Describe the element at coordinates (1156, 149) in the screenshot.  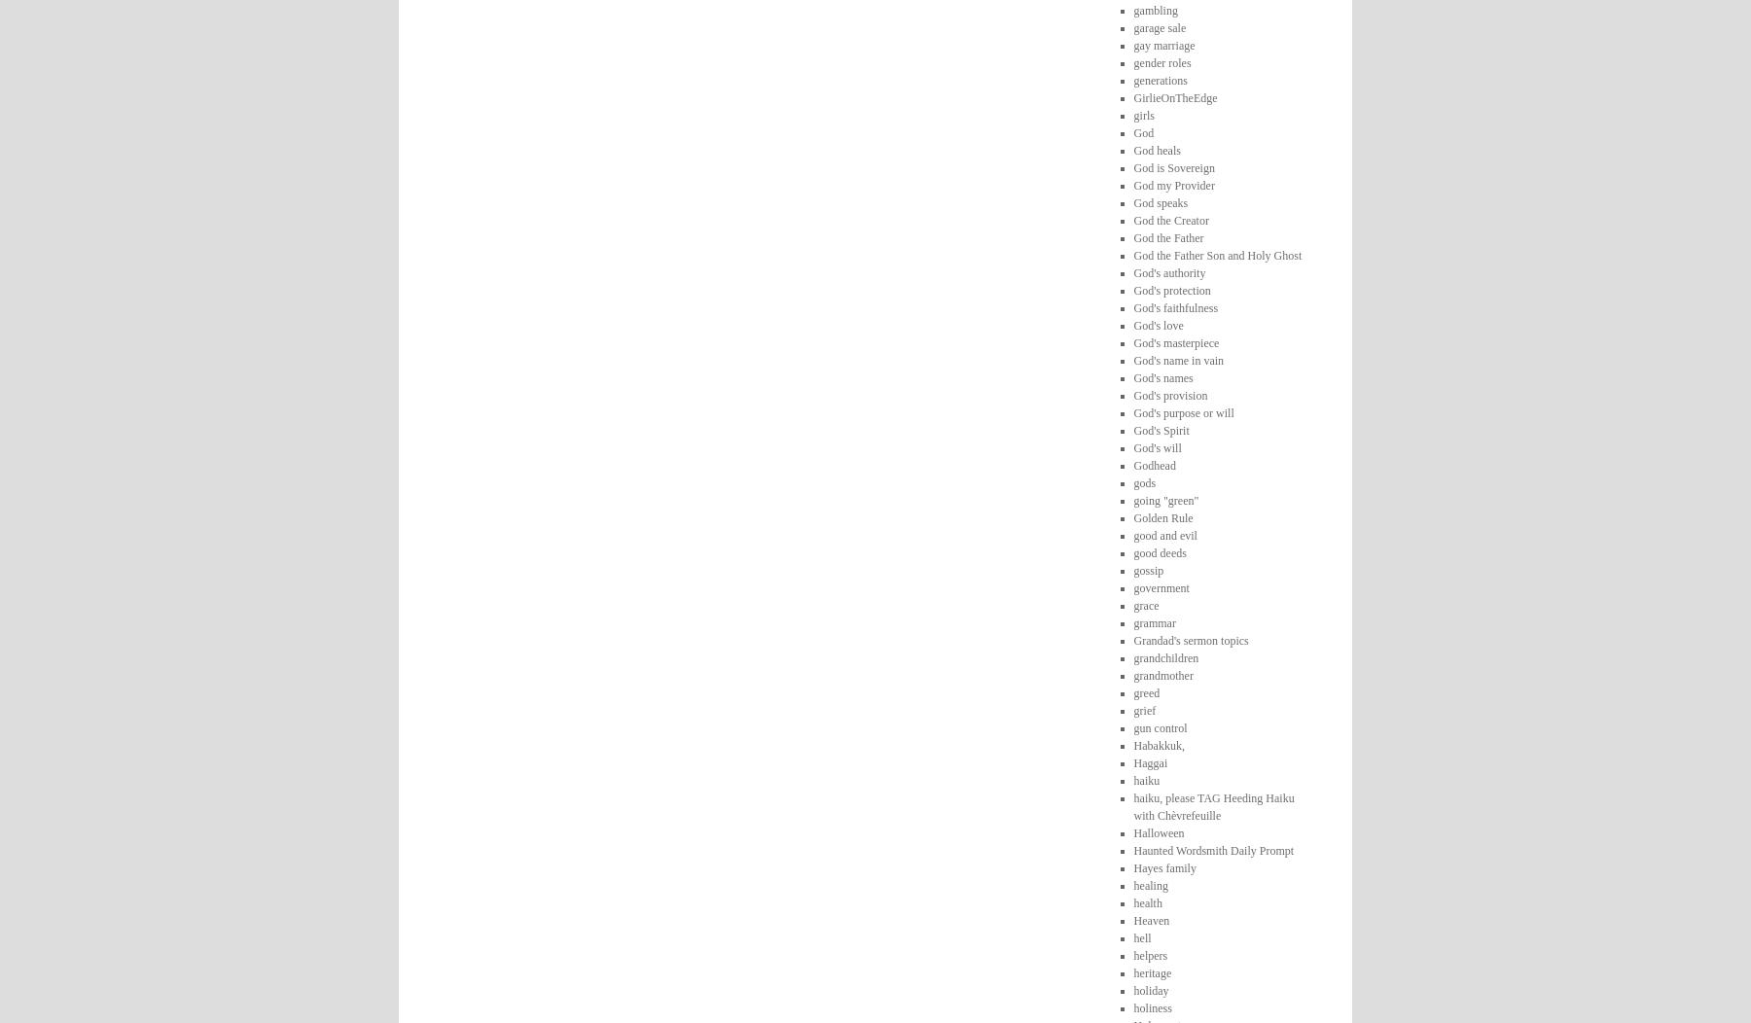
I see `'God heals'` at that location.